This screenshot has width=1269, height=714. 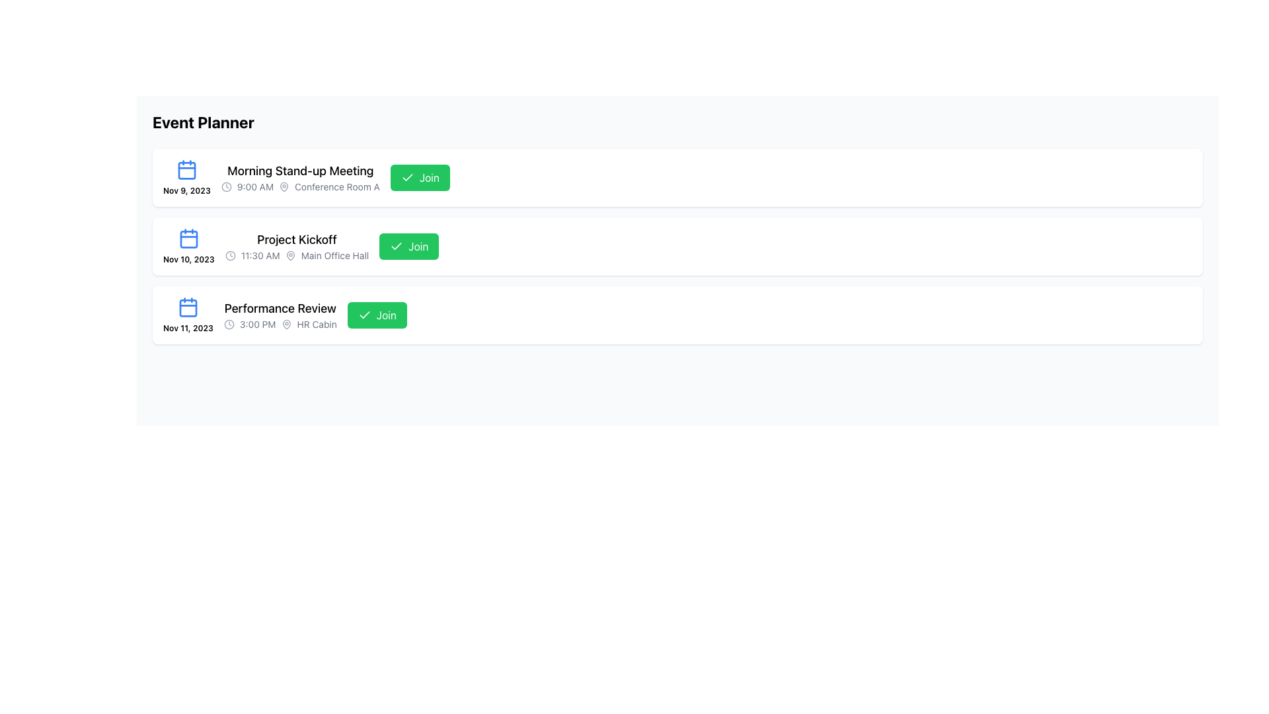 What do you see at coordinates (186, 169) in the screenshot?
I see `the calendar icon with a blue outline located in the first event block under the 'Event Planner' section, positioned above the date 'Nov 9, 2023'` at bounding box center [186, 169].